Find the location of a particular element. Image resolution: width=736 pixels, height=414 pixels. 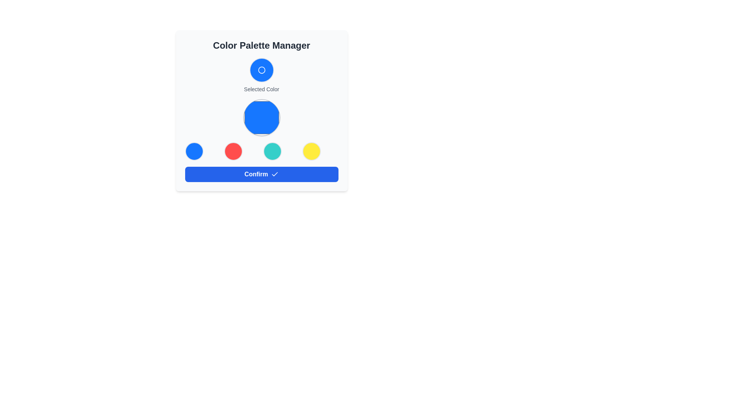

the small blue outlined checkmark icon located to the right side of the 'Confirm' button is located at coordinates (275, 174).